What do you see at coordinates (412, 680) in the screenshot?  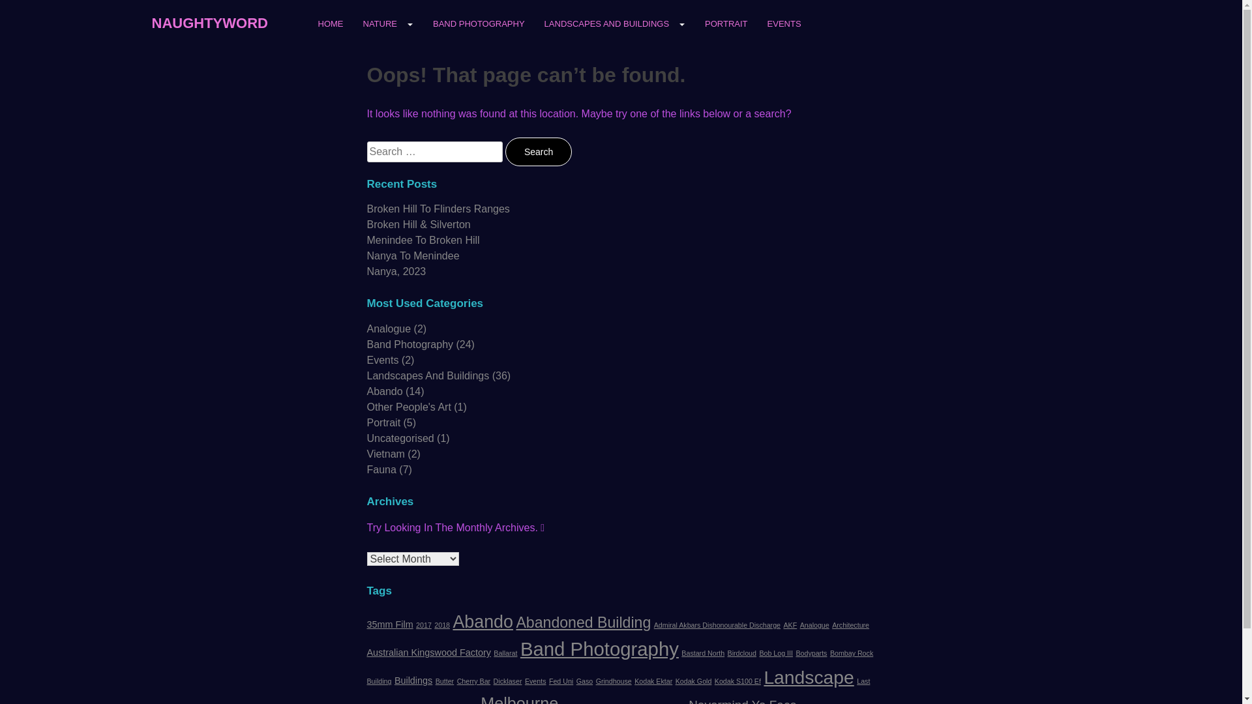 I see `'Buildings'` at bounding box center [412, 680].